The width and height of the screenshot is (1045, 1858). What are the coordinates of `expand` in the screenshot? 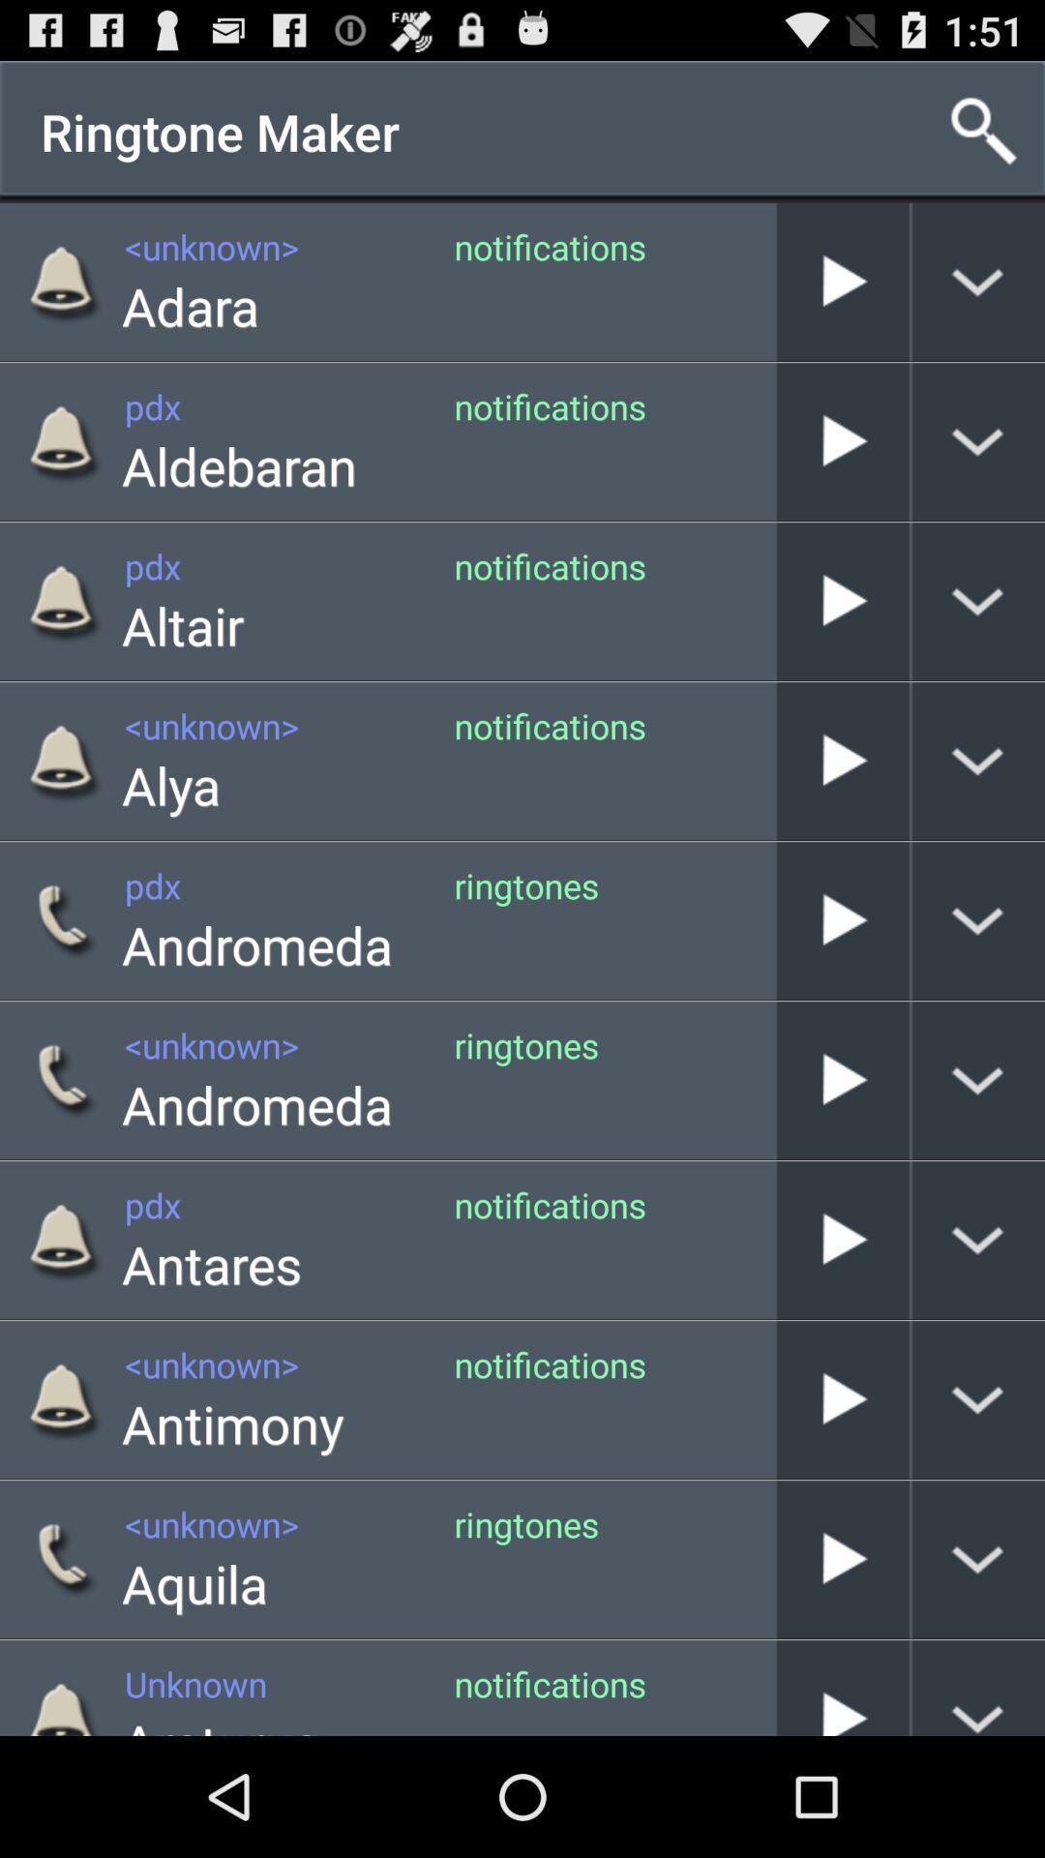 It's located at (978, 919).